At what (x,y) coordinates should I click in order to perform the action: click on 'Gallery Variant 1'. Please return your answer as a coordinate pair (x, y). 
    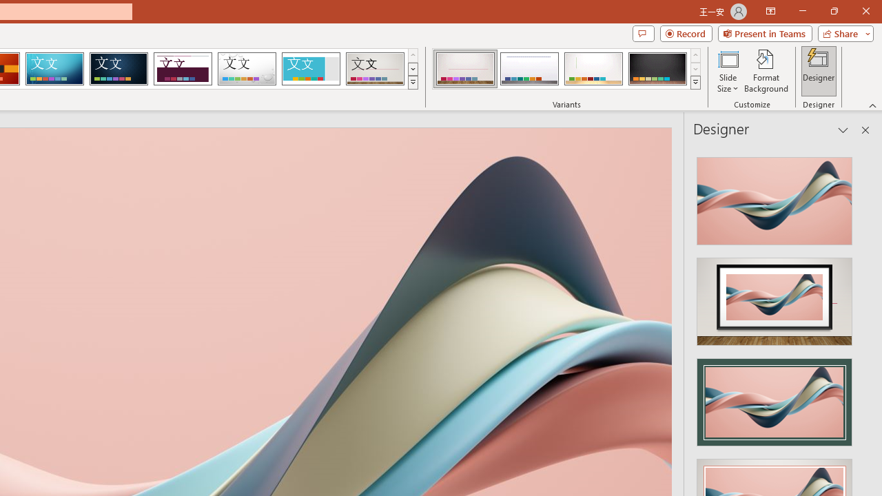
    Looking at the image, I should click on (465, 69).